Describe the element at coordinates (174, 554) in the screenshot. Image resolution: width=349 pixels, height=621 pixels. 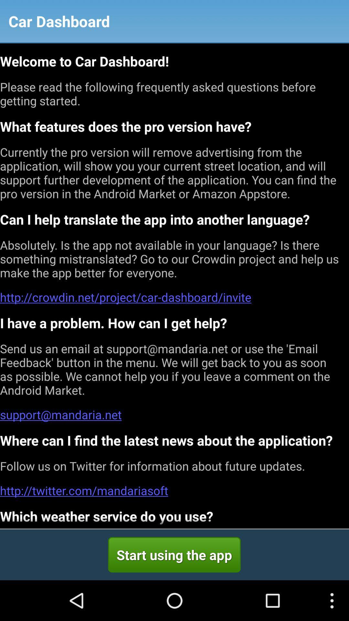
I see `start using the button` at that location.